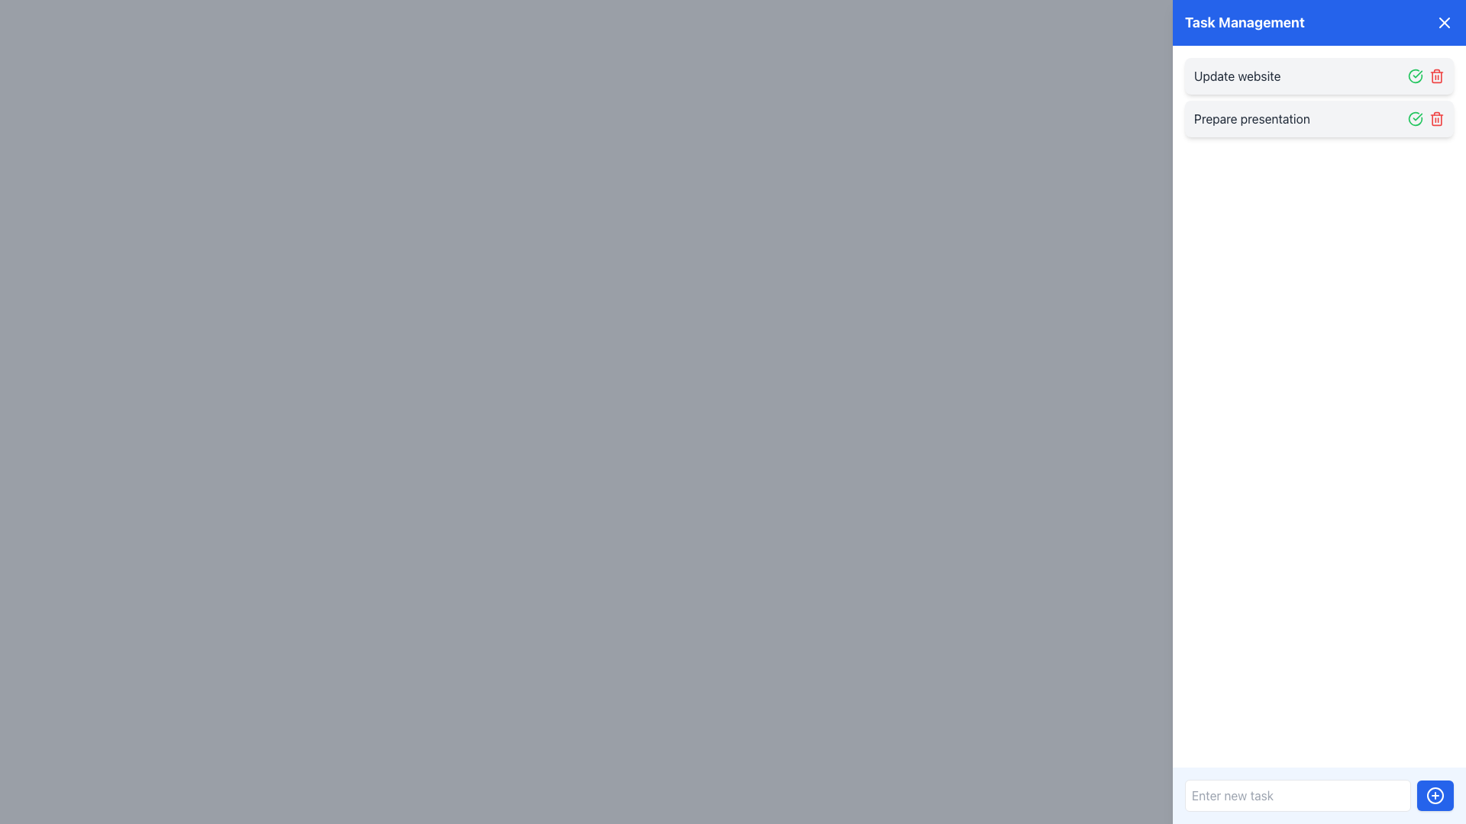 This screenshot has width=1466, height=824. I want to click on the close button located at the far right of the blue header bar, so click(1443, 23).